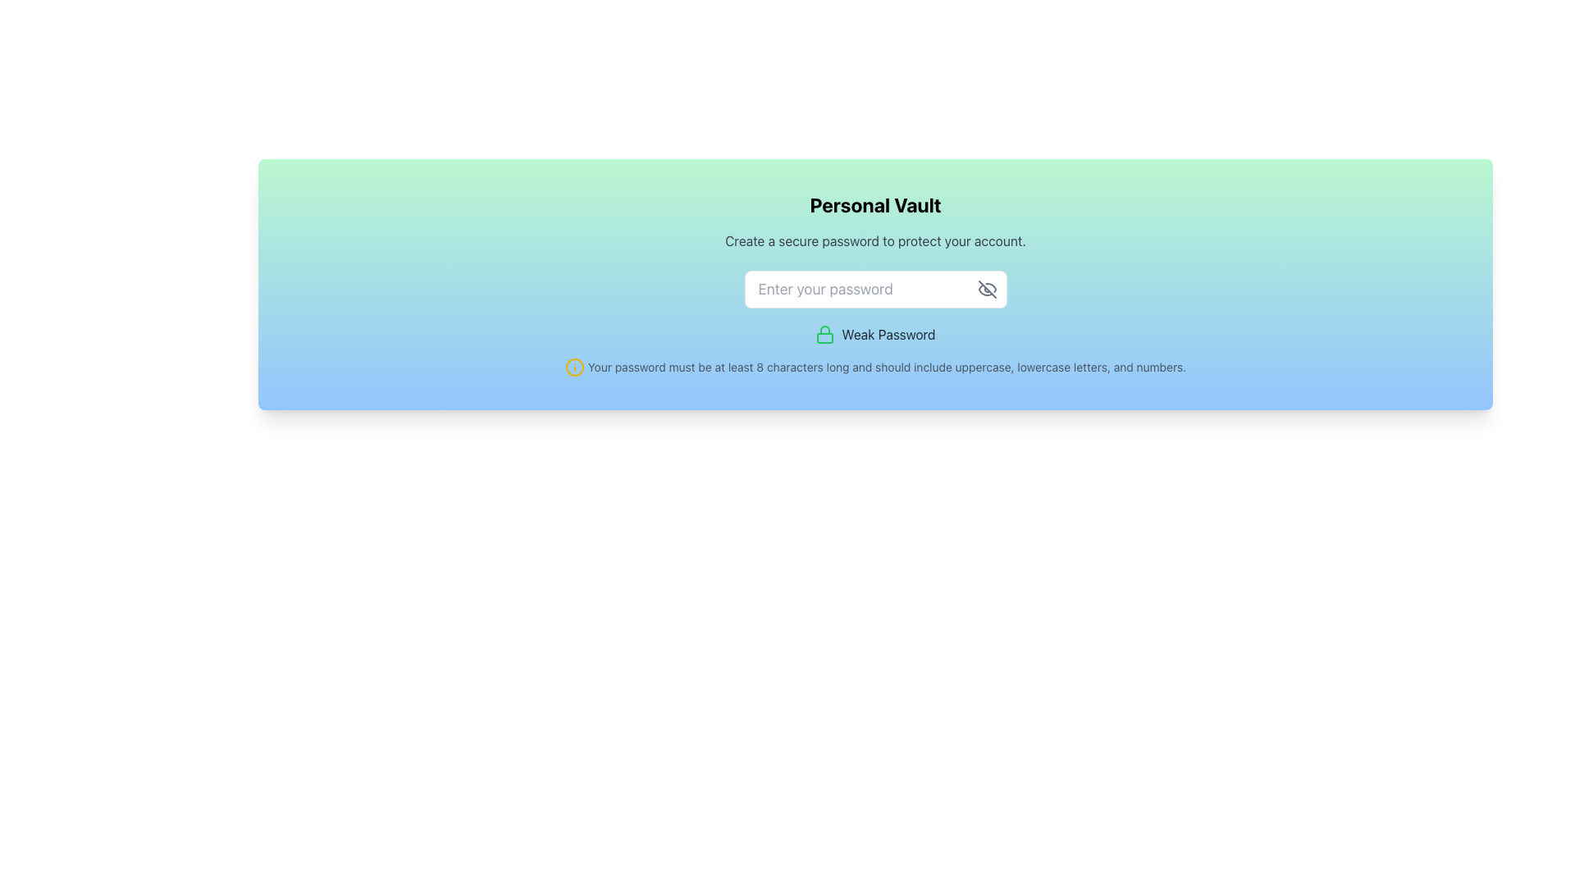 This screenshot has height=886, width=1575. What do you see at coordinates (825, 330) in the screenshot?
I see `the top arc of the lock icon, which is part of an SVG graphic indicating password strength, located to the left of the 'Weak Password' text` at bounding box center [825, 330].